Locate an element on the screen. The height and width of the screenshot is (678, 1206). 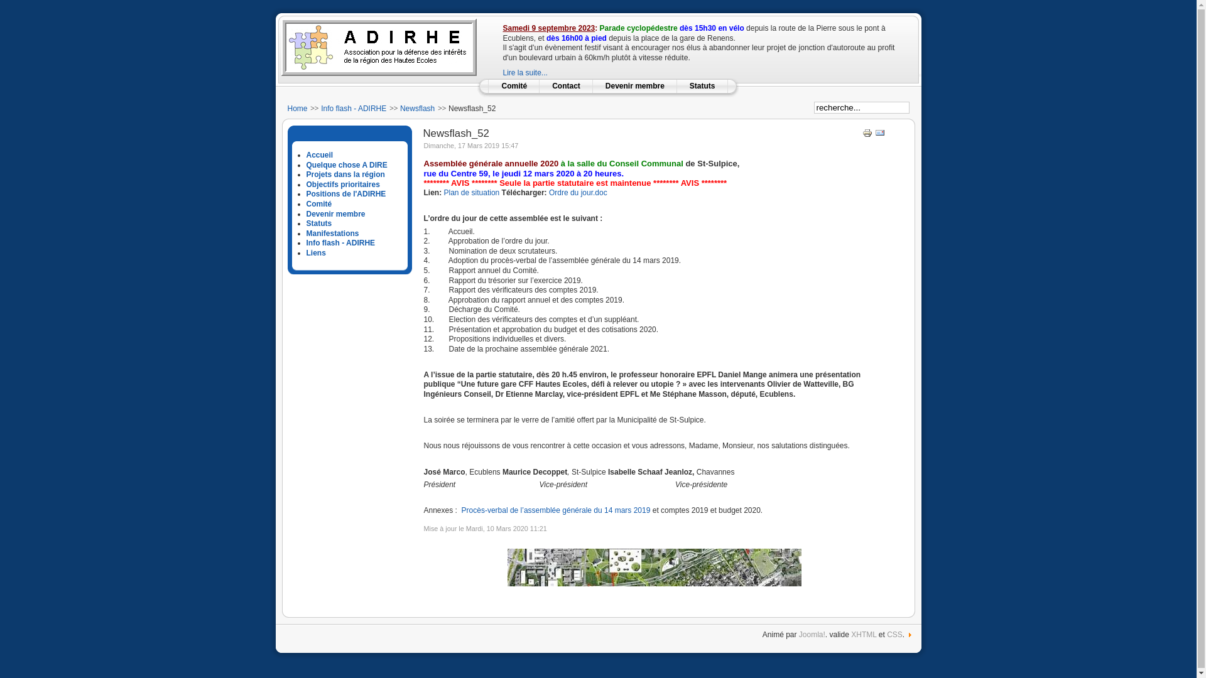
'Objectifs prioritaires' is located at coordinates (343, 184).